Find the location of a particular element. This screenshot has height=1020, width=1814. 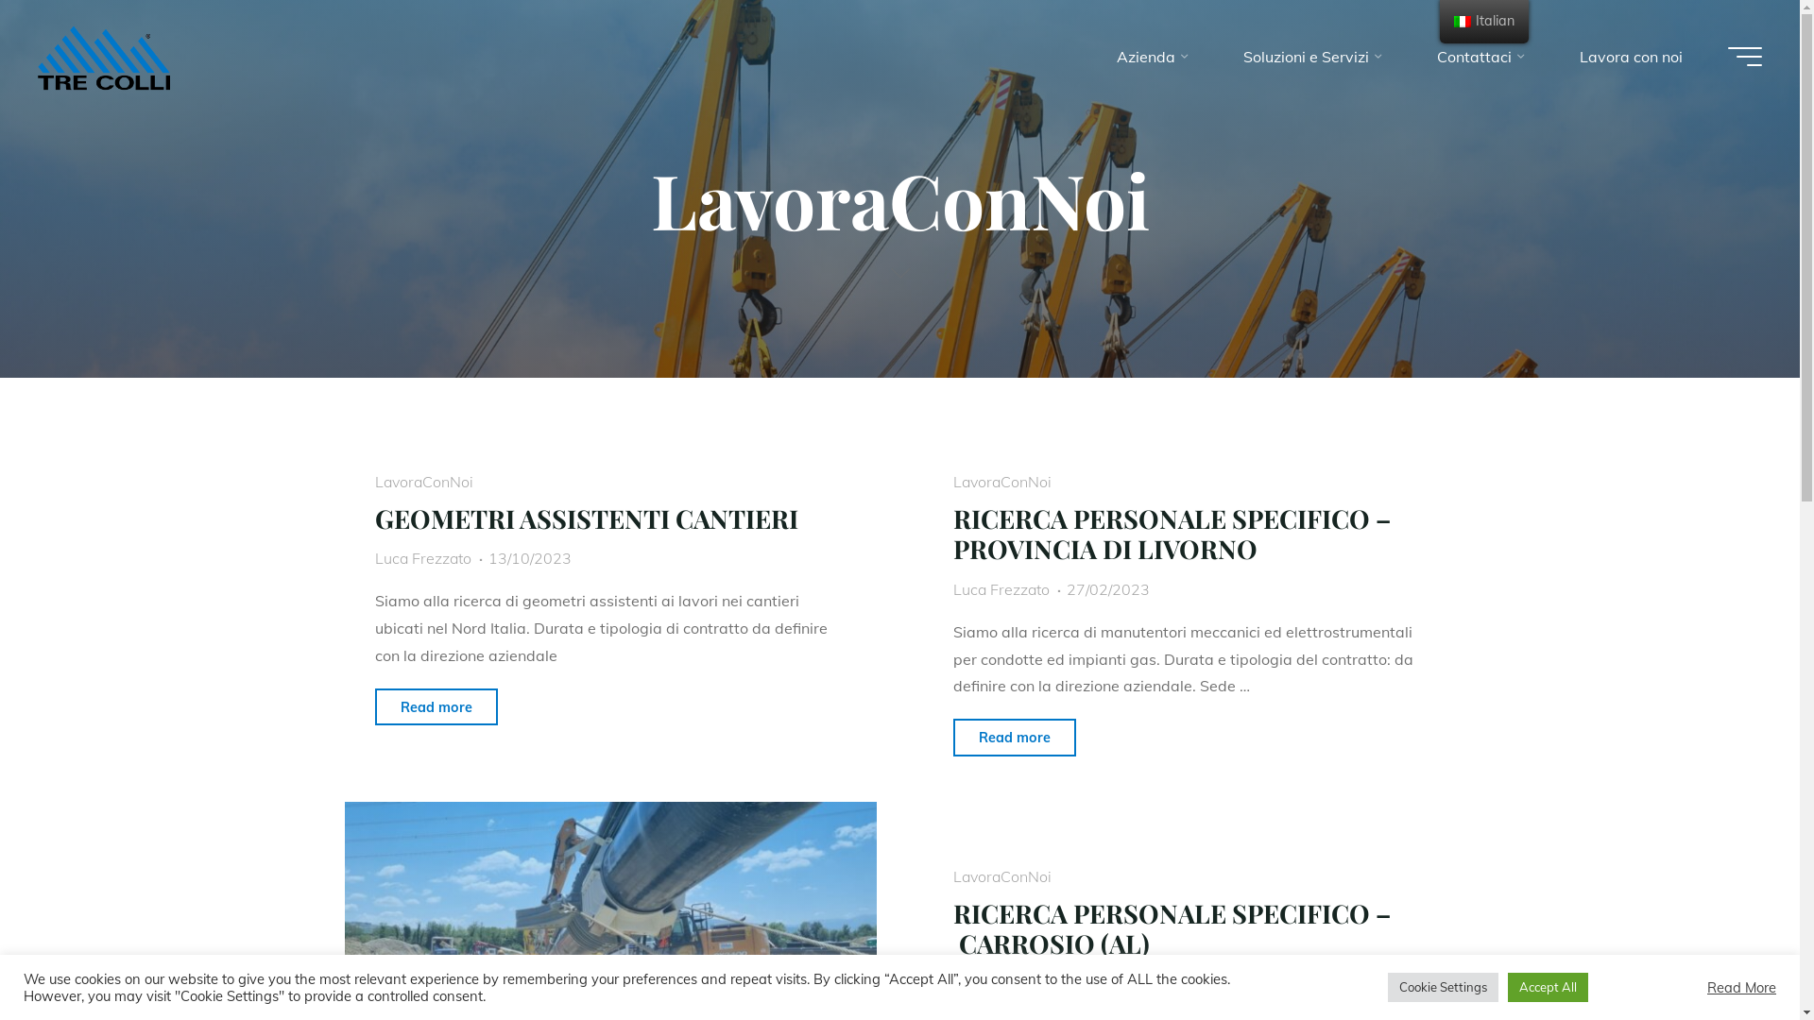

'Azienda' is located at coordinates (1149, 56).